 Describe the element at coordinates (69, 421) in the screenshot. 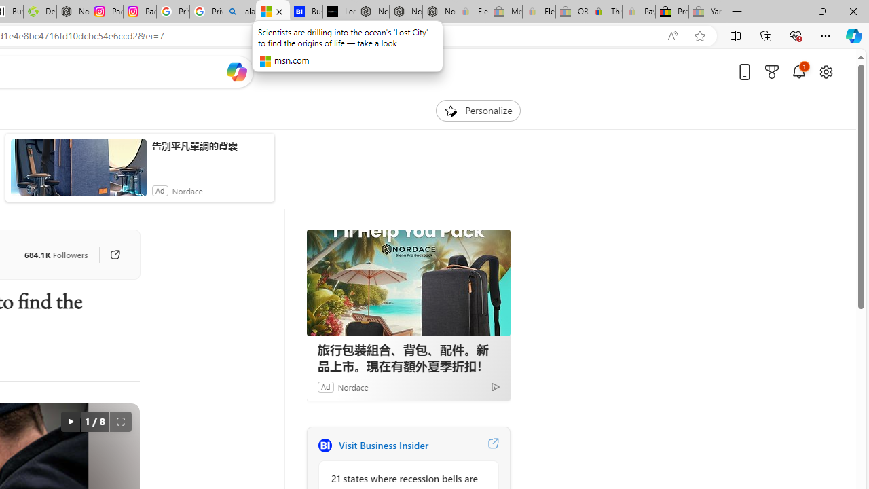

I see `'autorotate button'` at that location.